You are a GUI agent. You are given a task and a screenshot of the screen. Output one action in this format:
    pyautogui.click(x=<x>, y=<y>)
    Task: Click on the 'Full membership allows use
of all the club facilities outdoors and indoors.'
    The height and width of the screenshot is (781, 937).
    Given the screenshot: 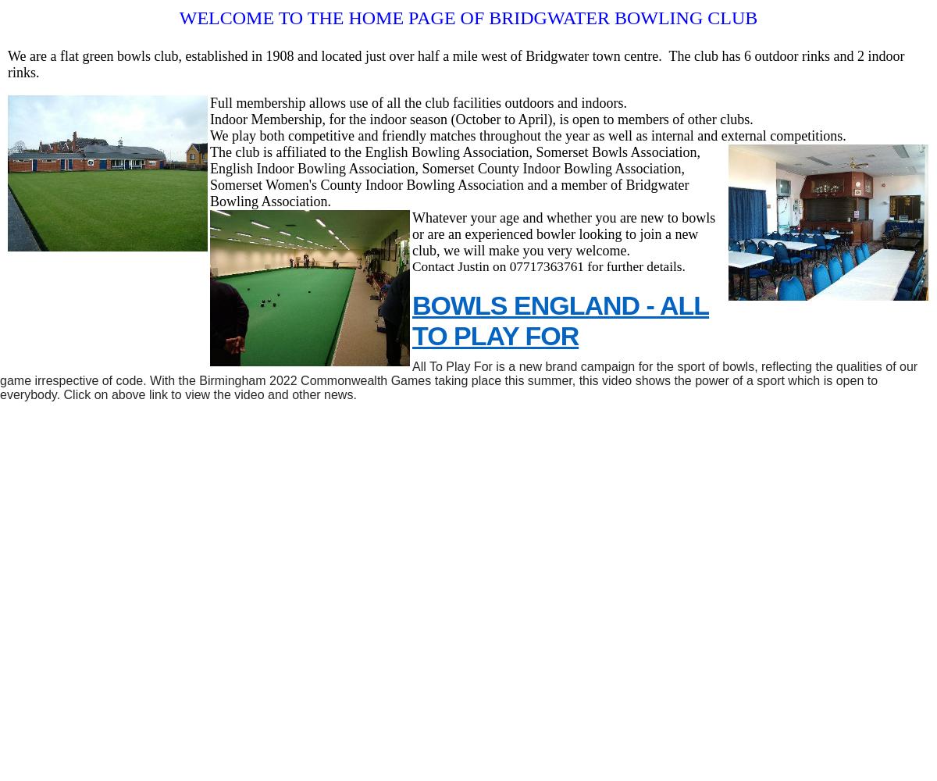 What is the action you would take?
    pyautogui.click(x=417, y=103)
    